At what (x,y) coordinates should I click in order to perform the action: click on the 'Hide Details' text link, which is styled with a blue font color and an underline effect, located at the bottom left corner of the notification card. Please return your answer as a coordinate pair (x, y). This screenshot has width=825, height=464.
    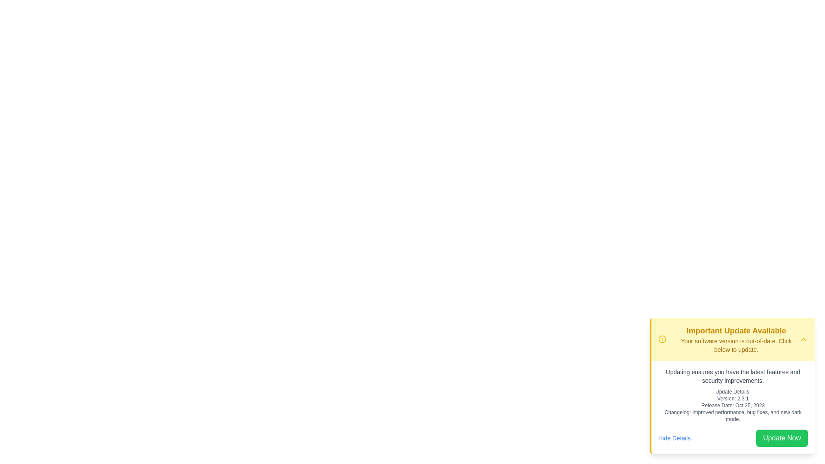
    Looking at the image, I should click on (674, 438).